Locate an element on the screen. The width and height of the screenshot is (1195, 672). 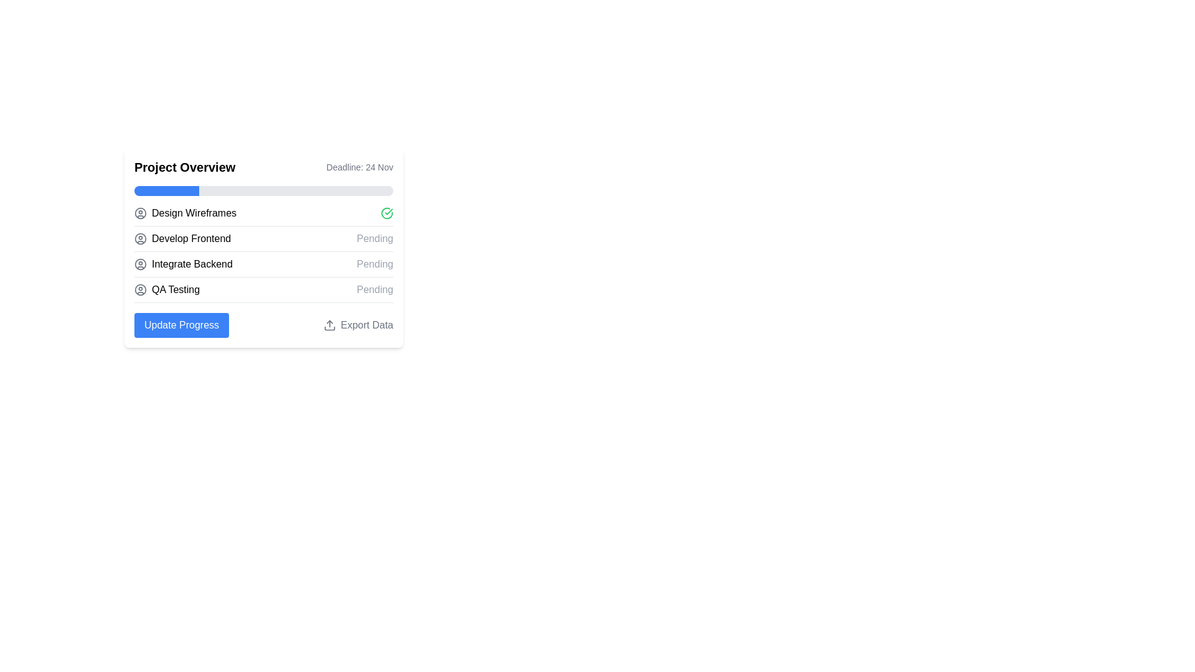
the horizontal progress bar located in the 'Project Overview' section, which has a light gray background and a blue segment indicating completion is located at coordinates (263, 191).